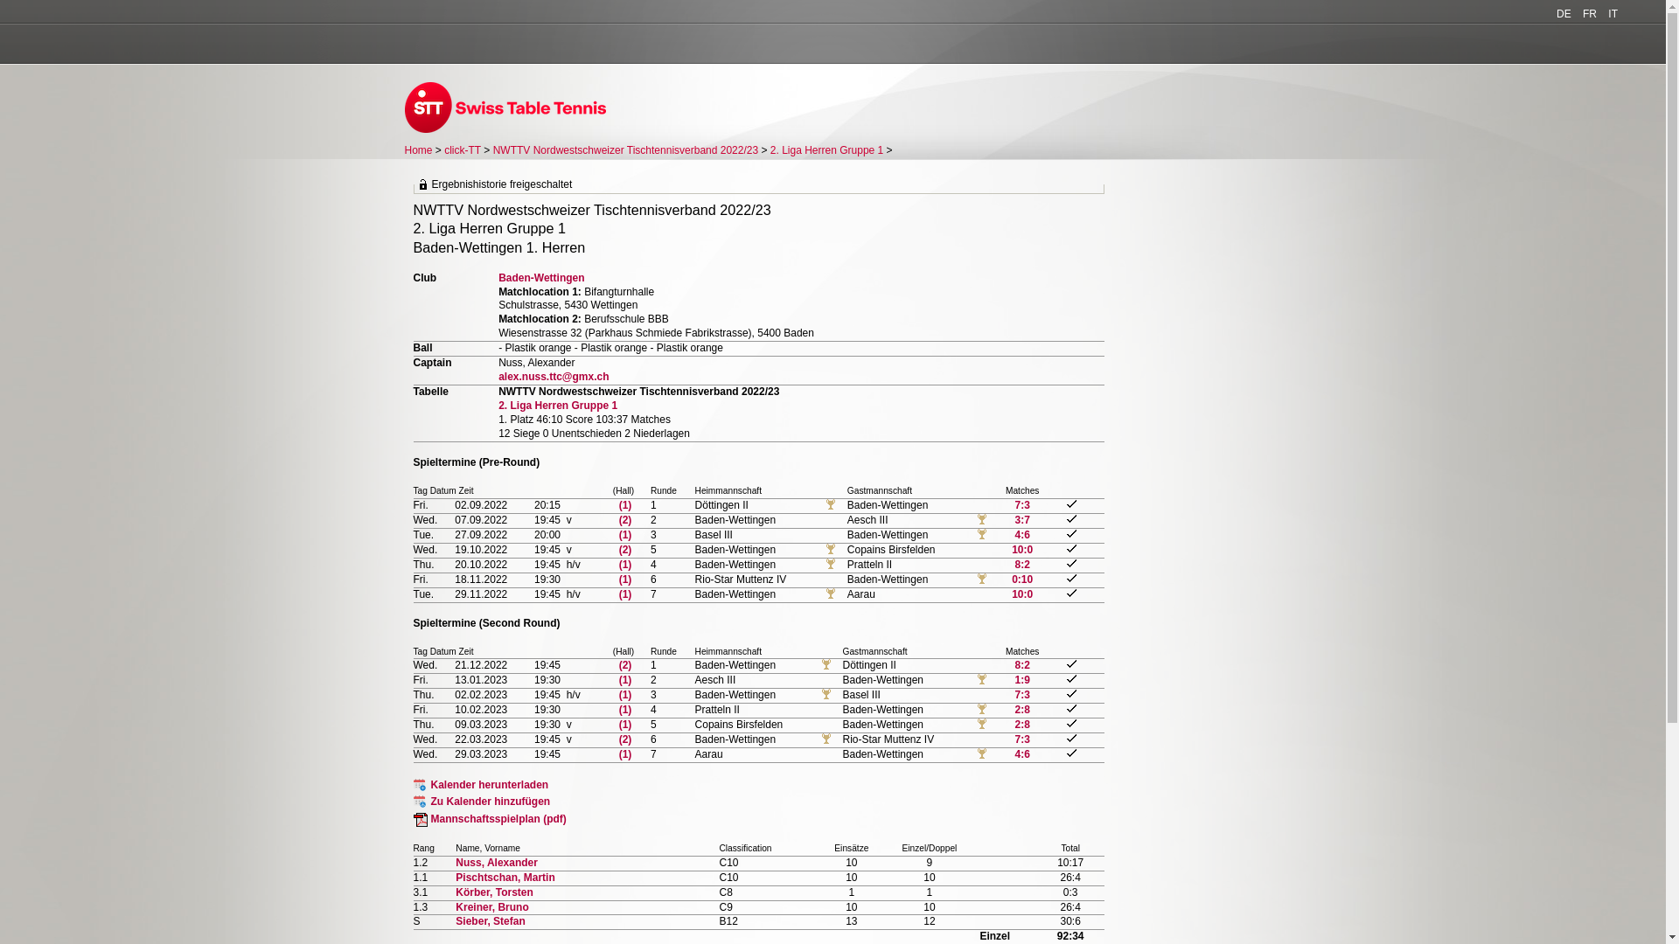  I want to click on 'Spielbericht genehmigt', so click(1070, 592).